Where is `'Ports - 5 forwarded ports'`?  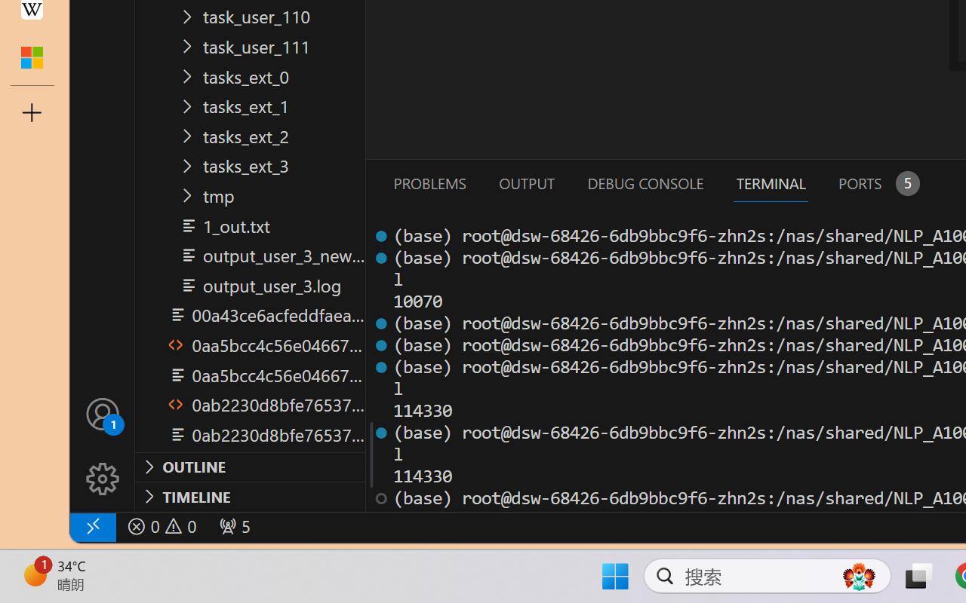 'Ports - 5 forwarded ports' is located at coordinates (877, 182).